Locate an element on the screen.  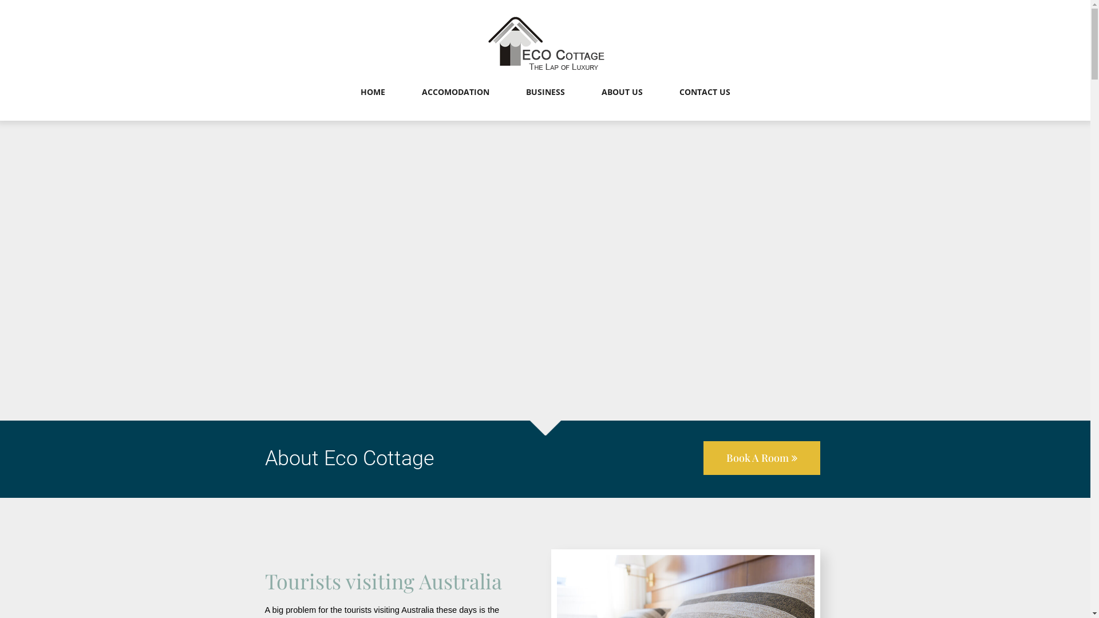
'CONTACT US' is located at coordinates (703, 104).